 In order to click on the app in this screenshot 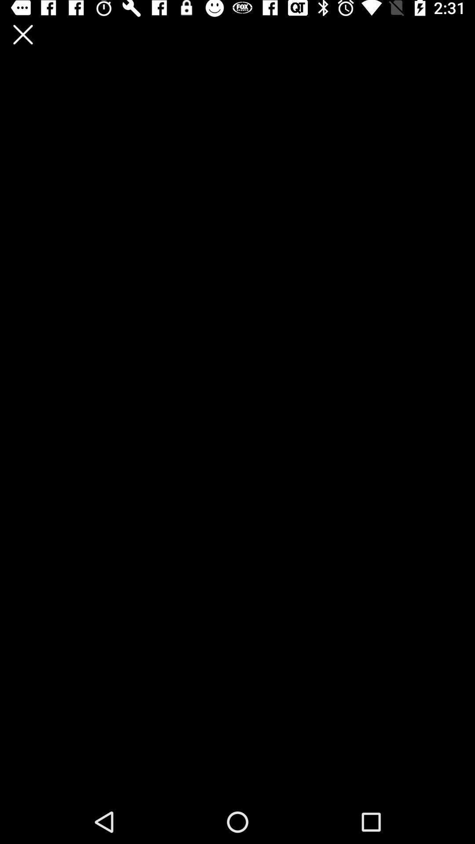, I will do `click(22, 34)`.